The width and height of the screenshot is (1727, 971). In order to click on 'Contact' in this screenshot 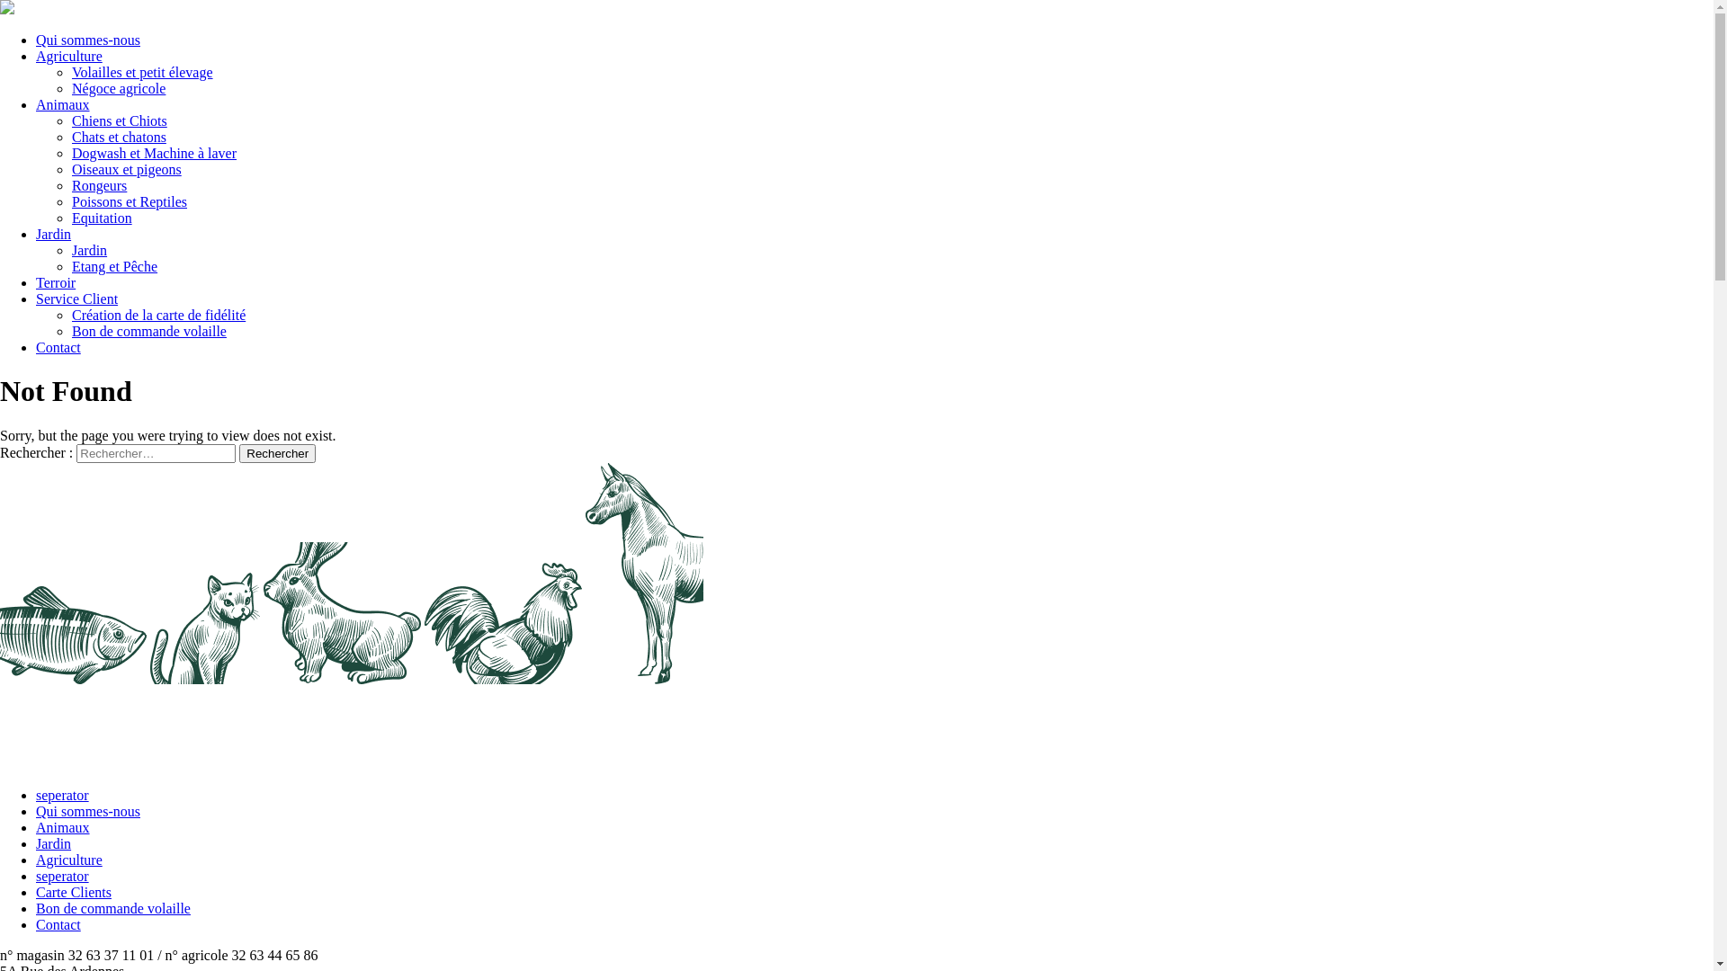, I will do `click(35, 347)`.